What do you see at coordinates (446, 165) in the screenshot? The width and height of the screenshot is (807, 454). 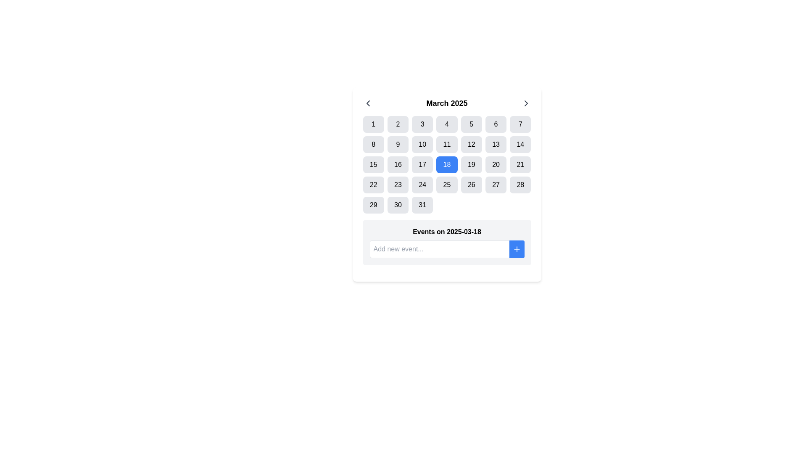 I see `the date button representing the 18th of March 2025` at bounding box center [446, 165].